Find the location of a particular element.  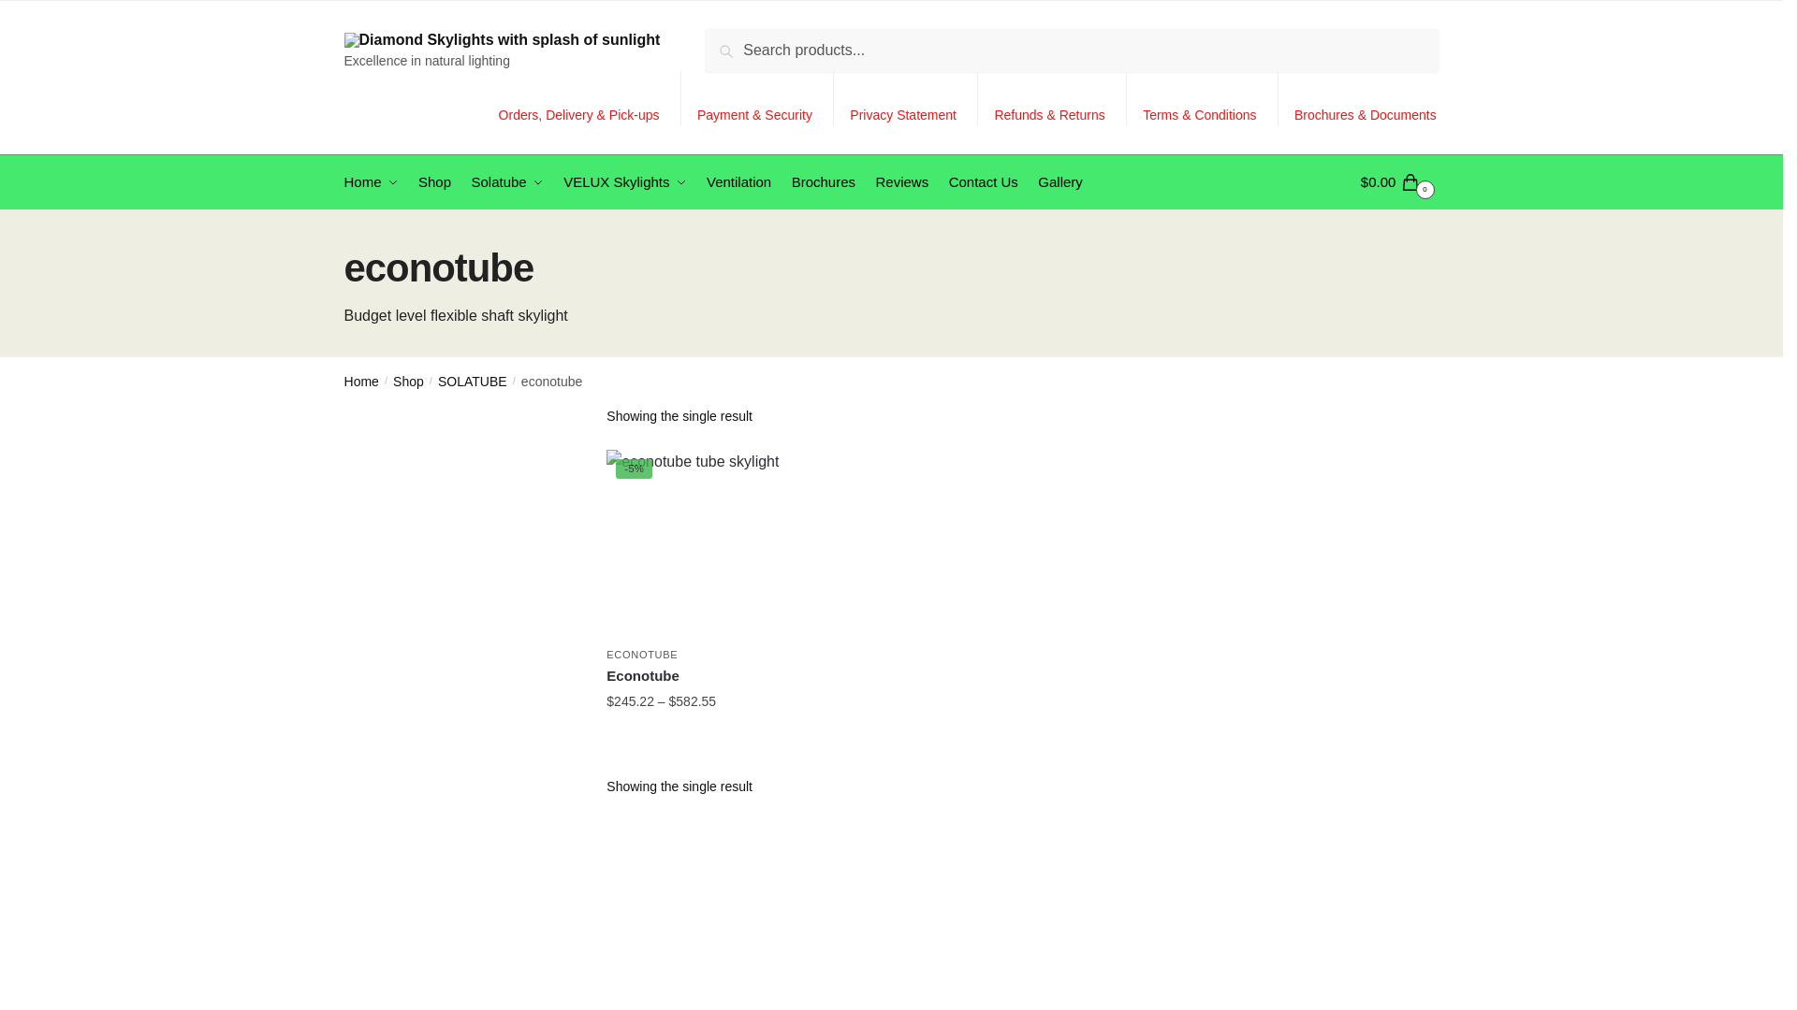

'Terms & Conditions' is located at coordinates (1199, 98).